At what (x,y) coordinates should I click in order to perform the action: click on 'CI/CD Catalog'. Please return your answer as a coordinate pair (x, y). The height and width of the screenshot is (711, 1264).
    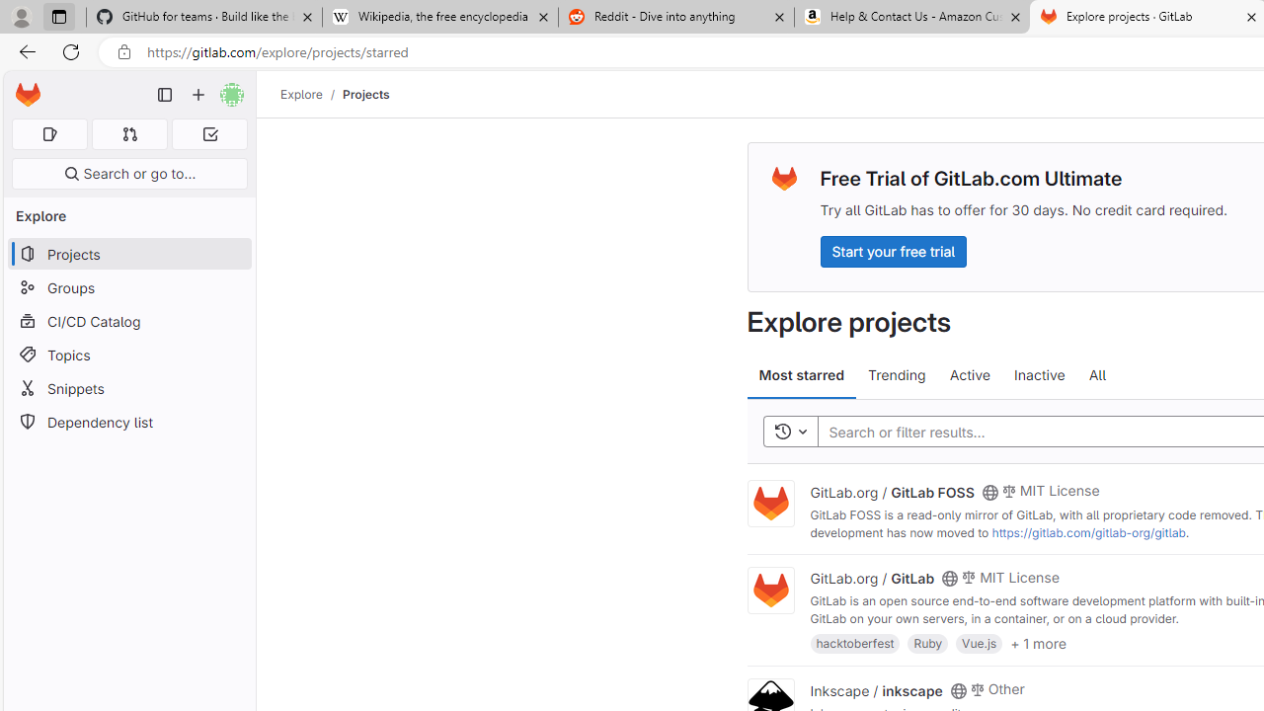
    Looking at the image, I should click on (128, 320).